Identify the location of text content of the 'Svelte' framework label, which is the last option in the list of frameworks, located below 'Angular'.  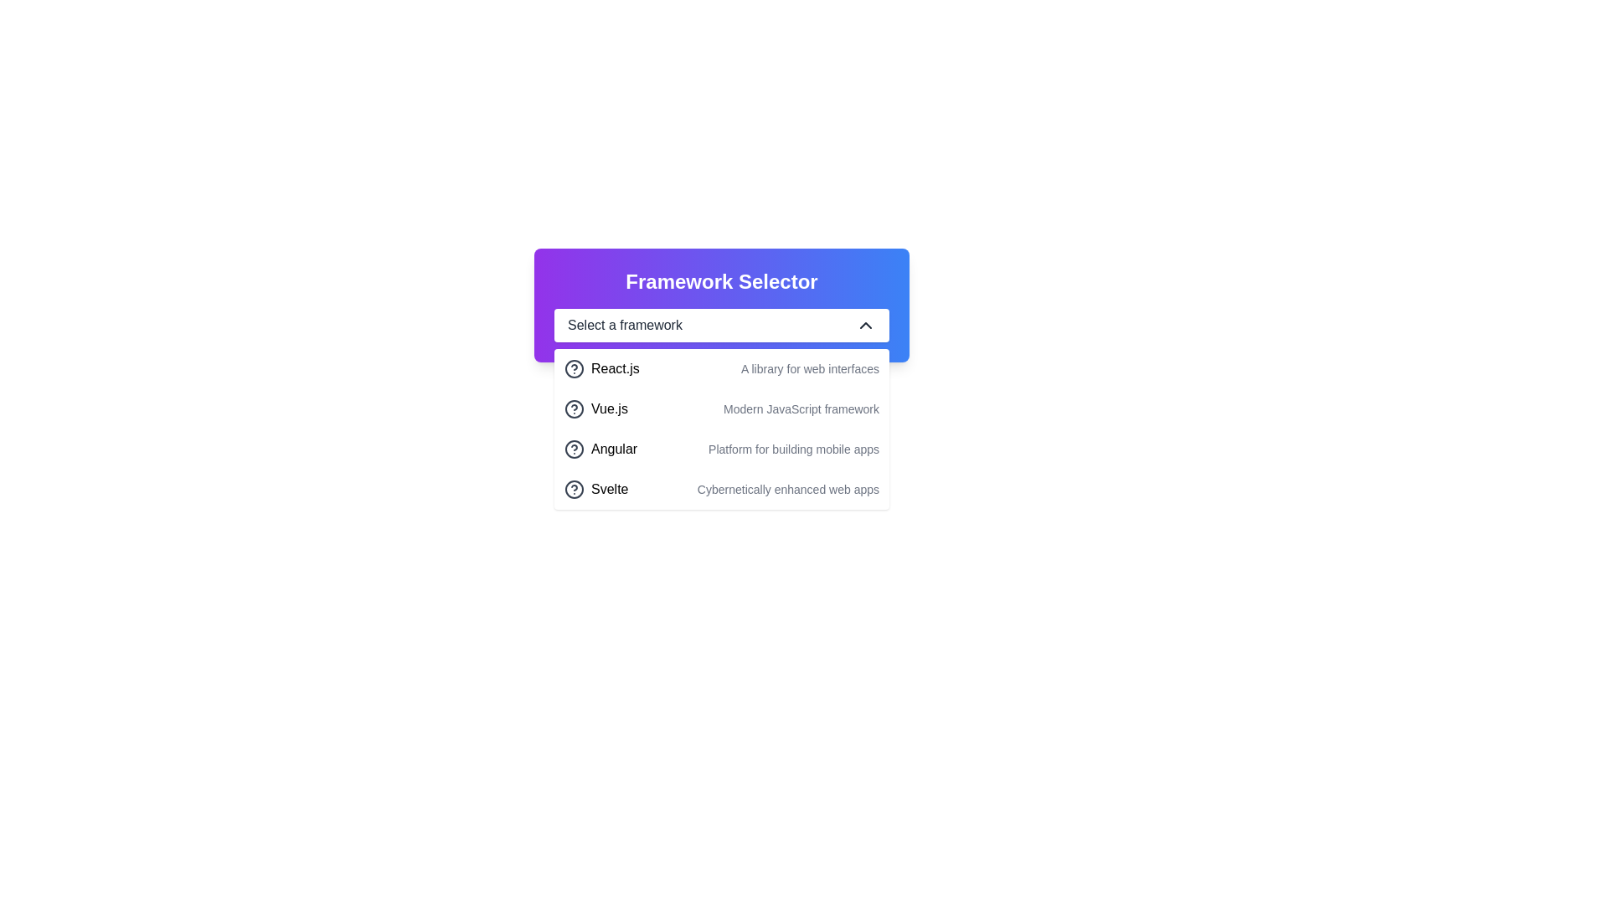
(609, 490).